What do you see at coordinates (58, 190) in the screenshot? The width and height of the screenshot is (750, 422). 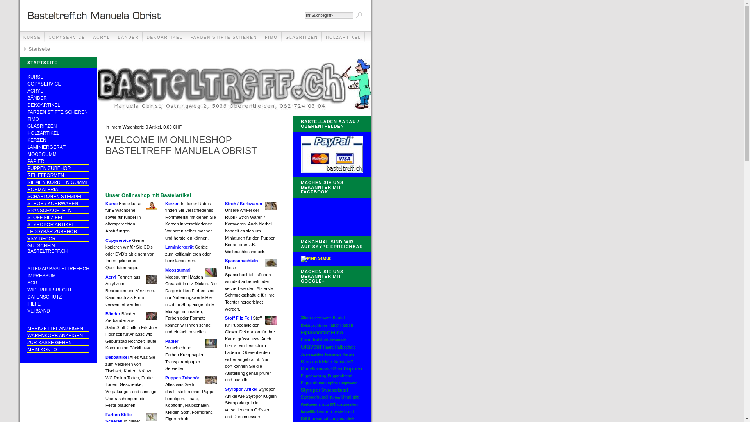 I see `'ROHMATERIAL'` at bounding box center [58, 190].